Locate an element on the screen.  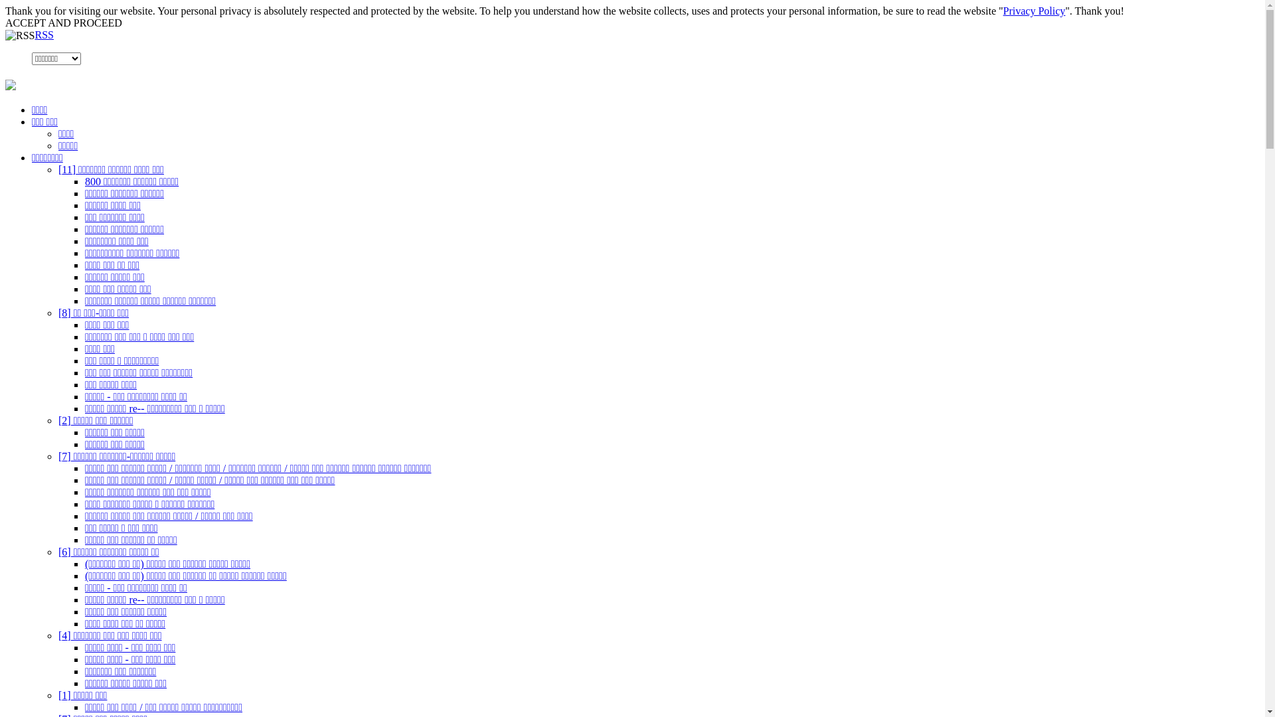
'Privacy Policy' is located at coordinates (1034, 11).